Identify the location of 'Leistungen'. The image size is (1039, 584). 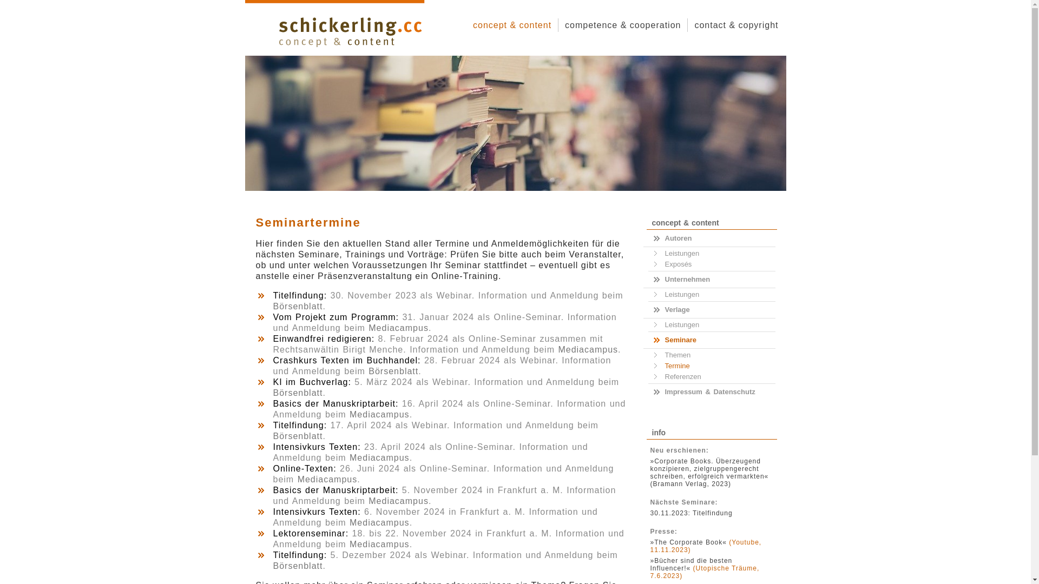
(709, 294).